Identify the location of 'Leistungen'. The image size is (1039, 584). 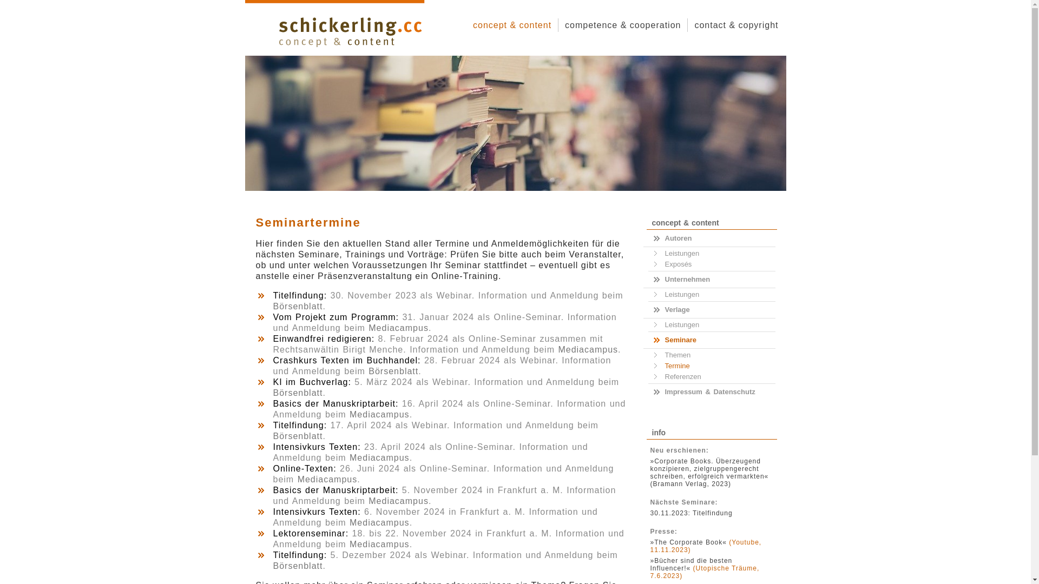
(709, 294).